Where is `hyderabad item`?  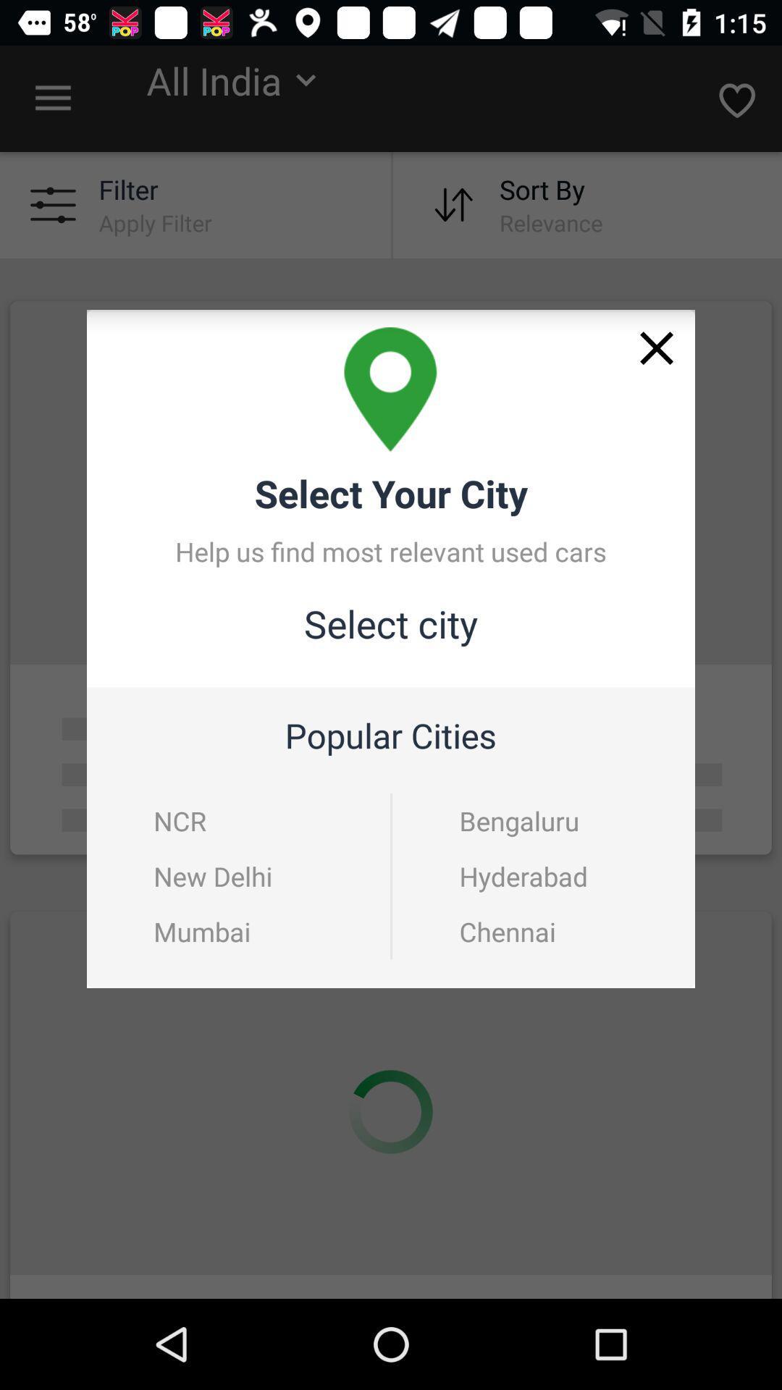 hyderabad item is located at coordinates (545, 875).